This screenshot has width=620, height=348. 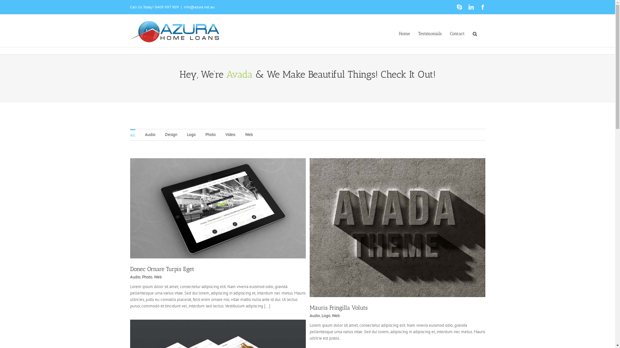 I want to click on 'Facebook', so click(x=482, y=7).